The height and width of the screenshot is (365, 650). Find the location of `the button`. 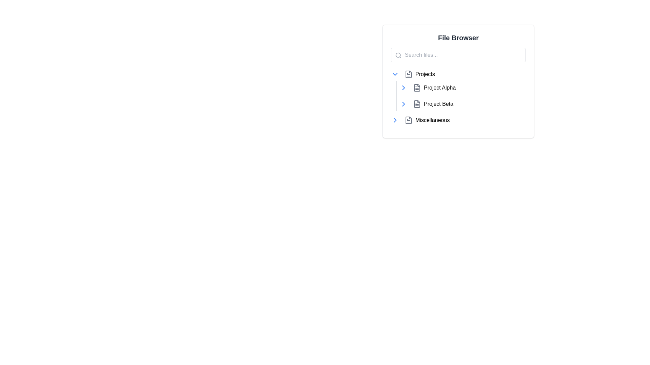

the button is located at coordinates (434, 87).